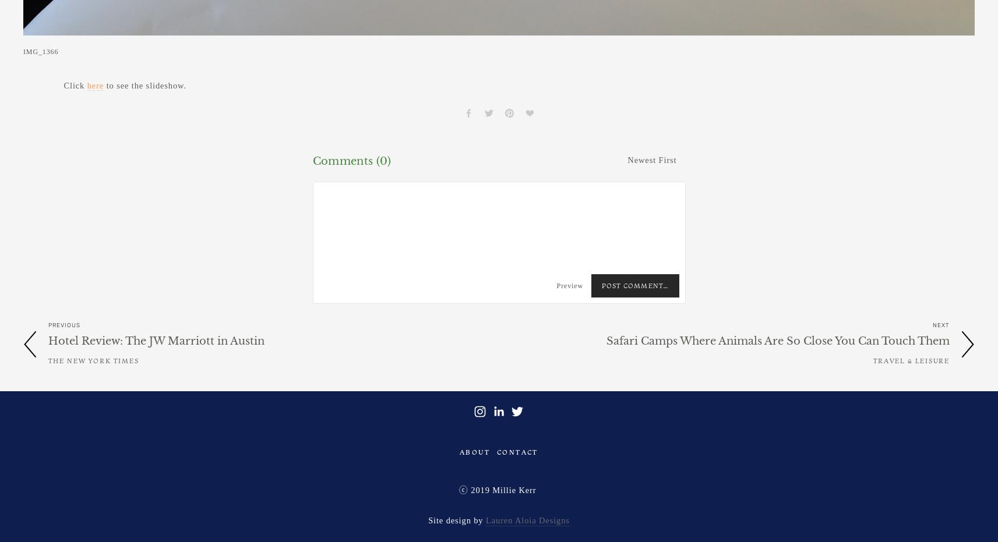 Image resolution: width=998 pixels, height=542 pixels. What do you see at coordinates (351, 160) in the screenshot?
I see `'Comments (0)'` at bounding box center [351, 160].